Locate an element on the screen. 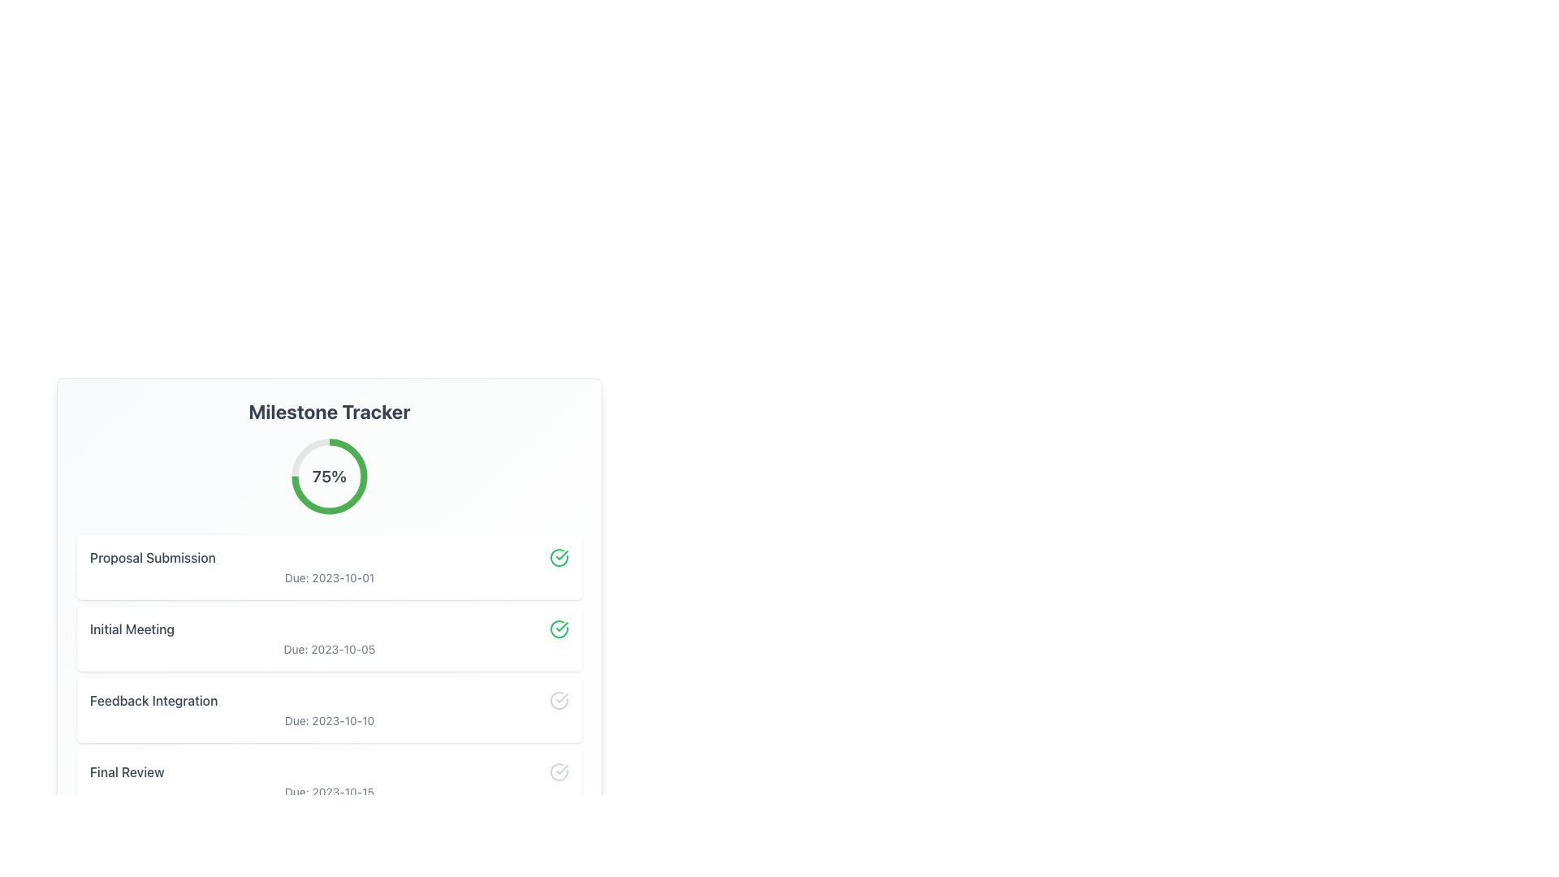 This screenshot has width=1559, height=877. the second milestone item labeled 'Initial Meeting' in the Milestone Tracker list to potentially interact with it is located at coordinates (329, 629).